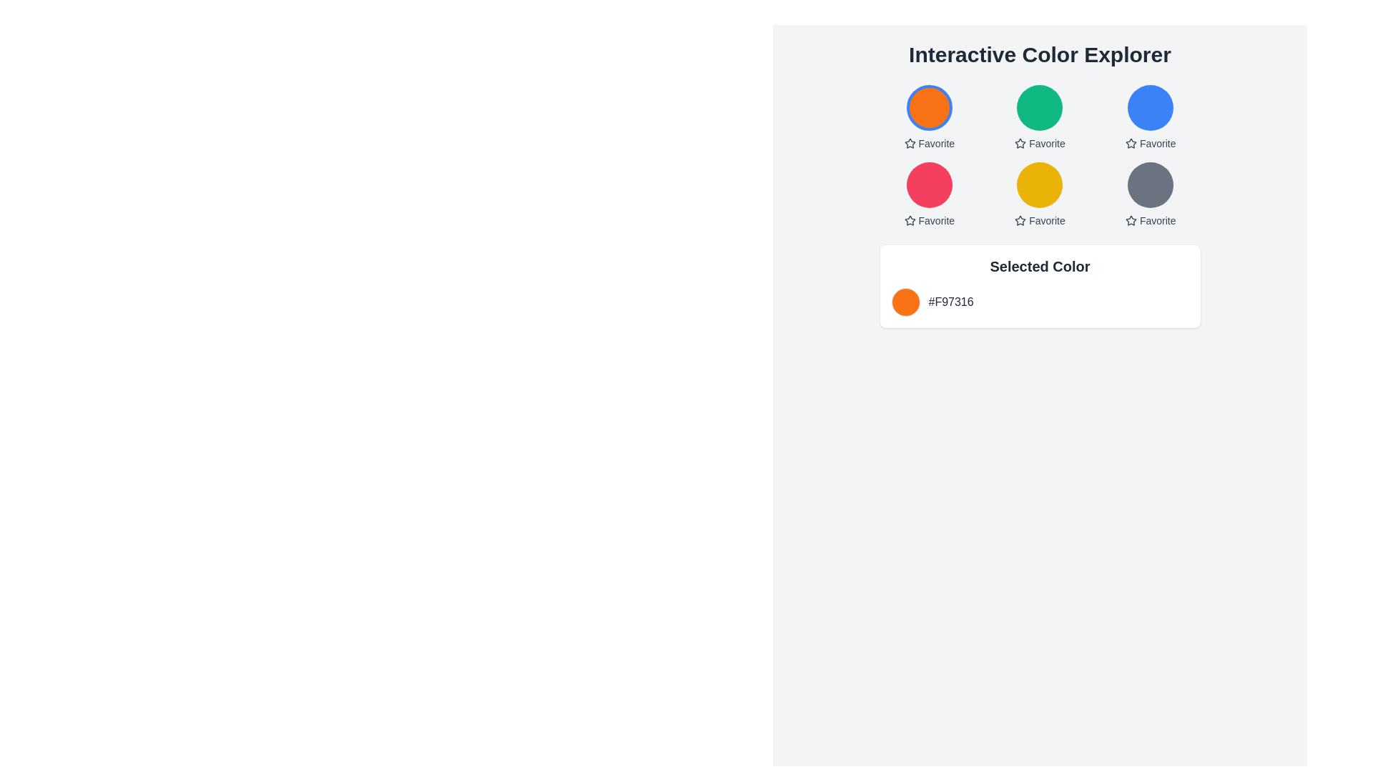 The height and width of the screenshot is (772, 1373). What do you see at coordinates (909, 143) in the screenshot?
I see `the star icon used for favoriting items` at bounding box center [909, 143].